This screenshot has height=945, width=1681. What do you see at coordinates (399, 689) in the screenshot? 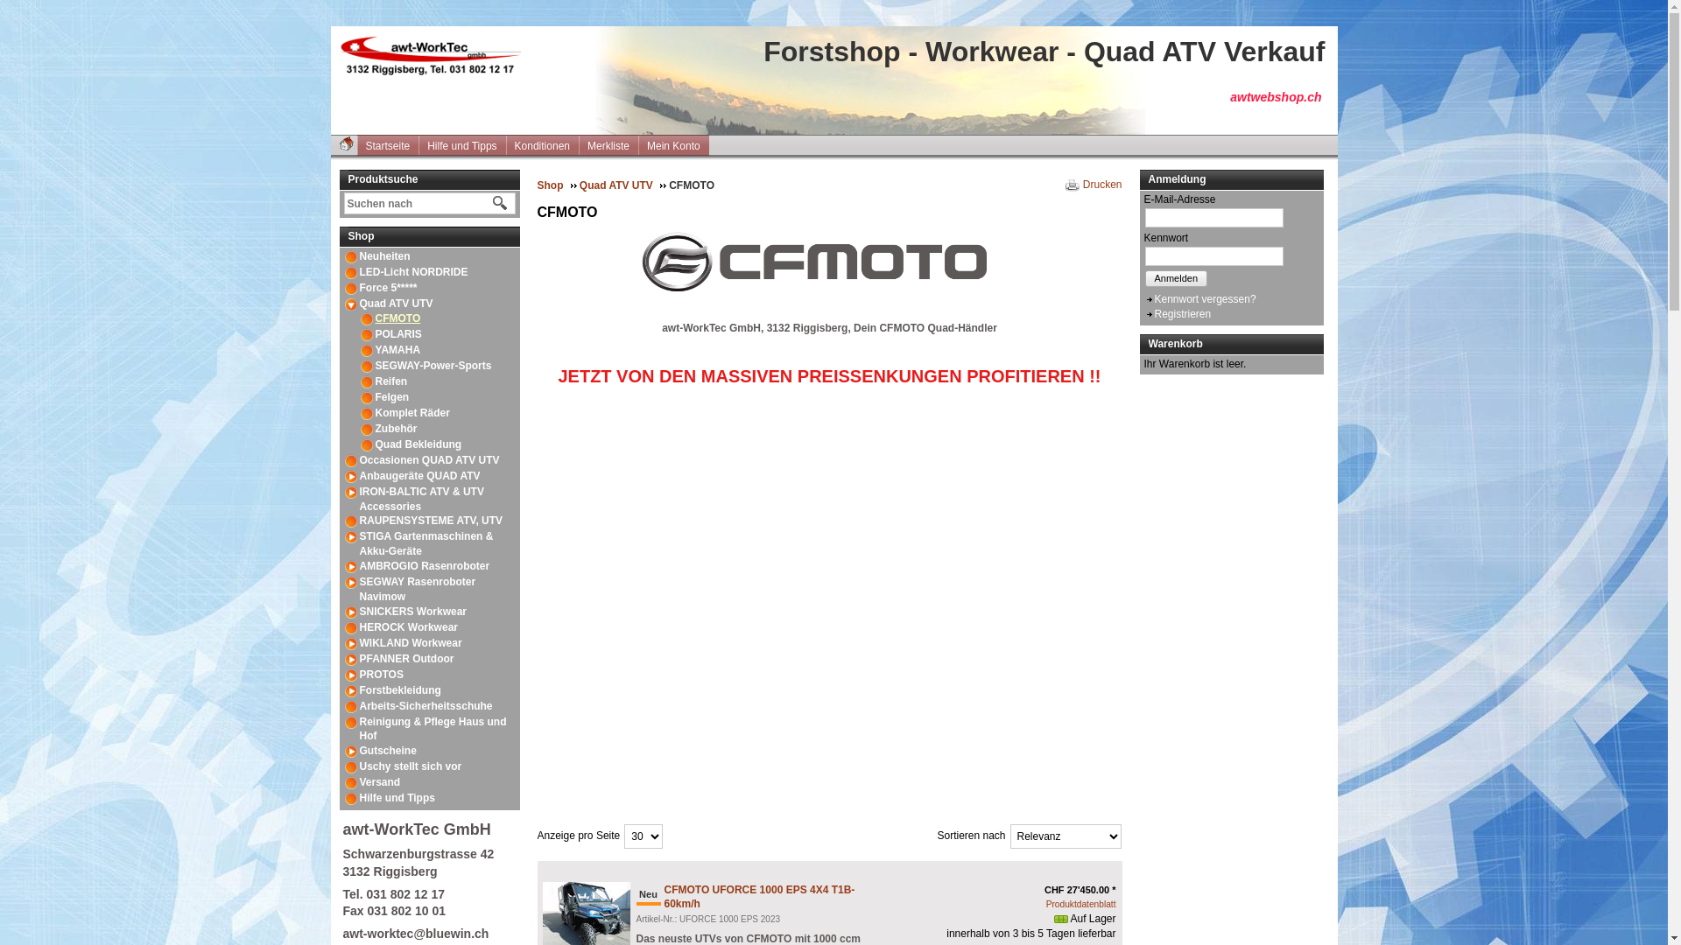
I see `'Forstbekleidung'` at bounding box center [399, 689].